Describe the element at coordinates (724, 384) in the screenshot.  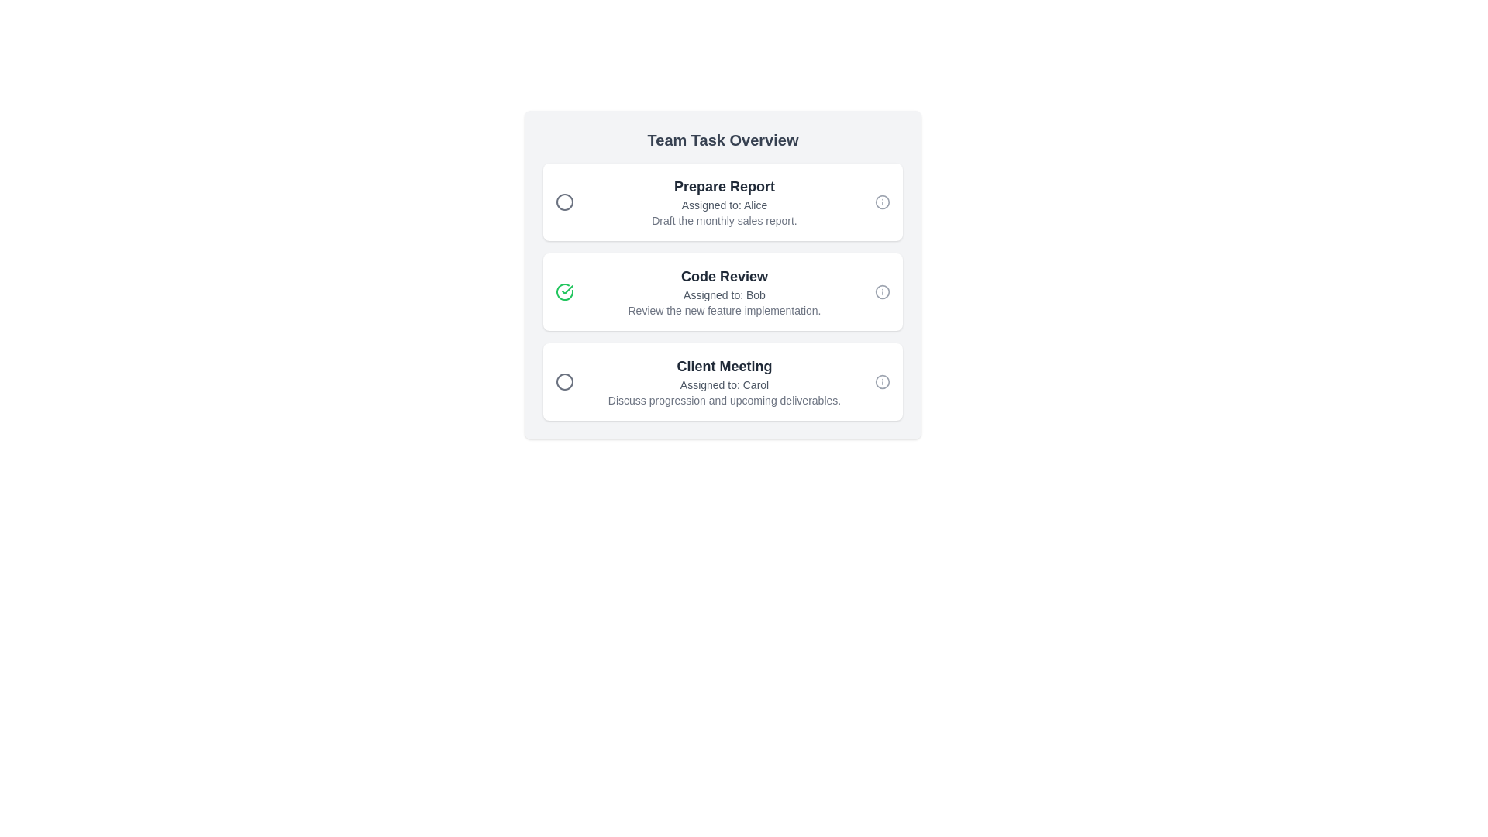
I see `the text display element that reads 'Assigned to: Carol', which is styled with a small font size and gray color, located directly below the heading 'Client Meeting'` at that location.